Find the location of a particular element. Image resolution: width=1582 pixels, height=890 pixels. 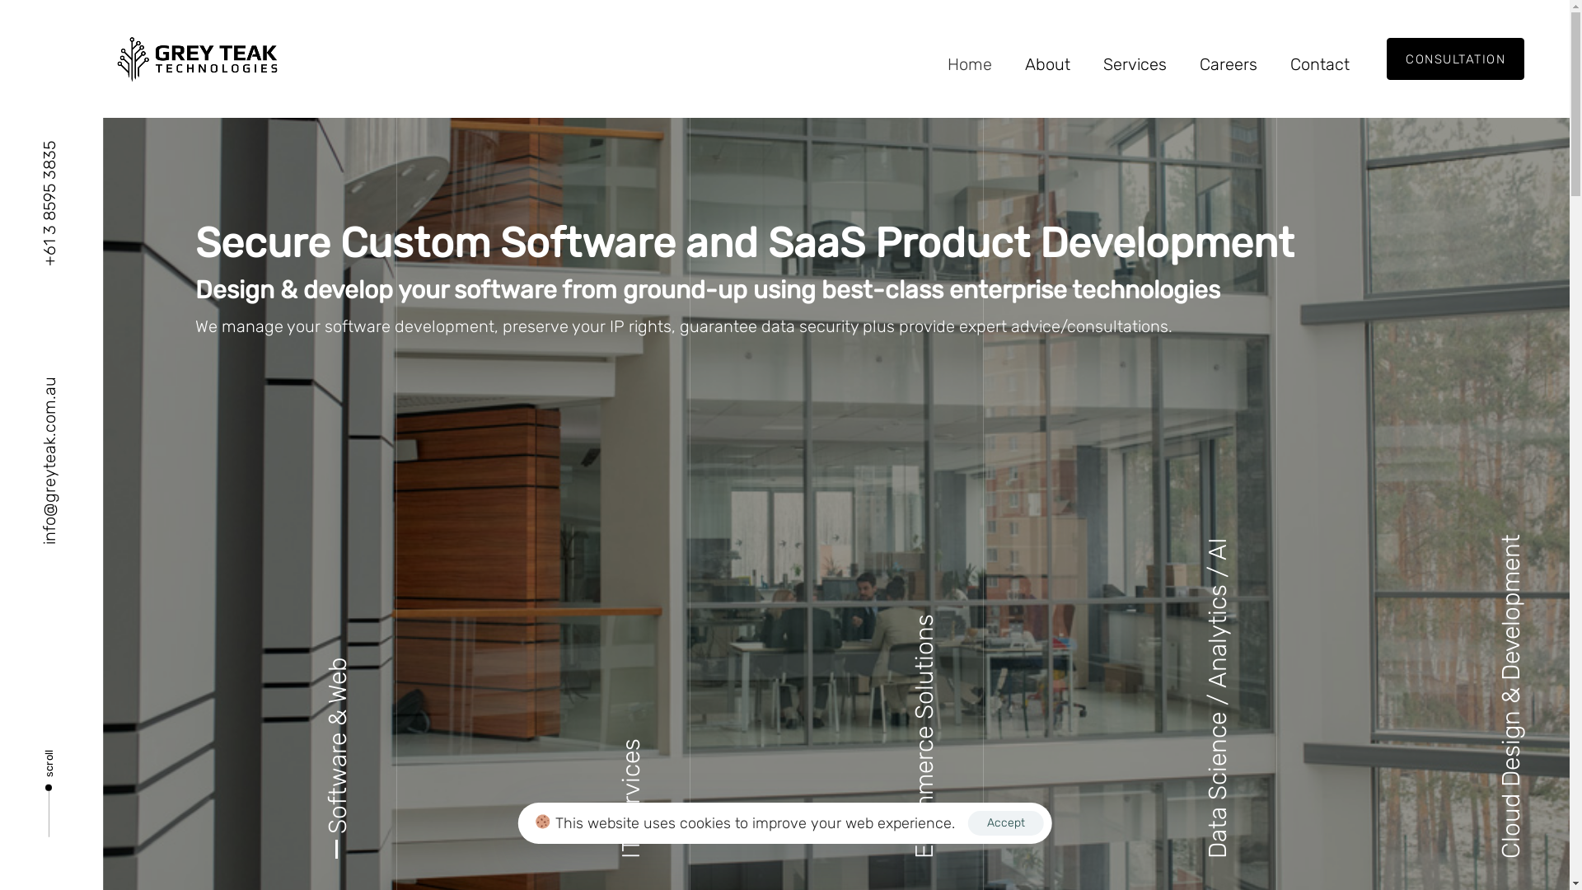

'scroll' is located at coordinates (49, 787).